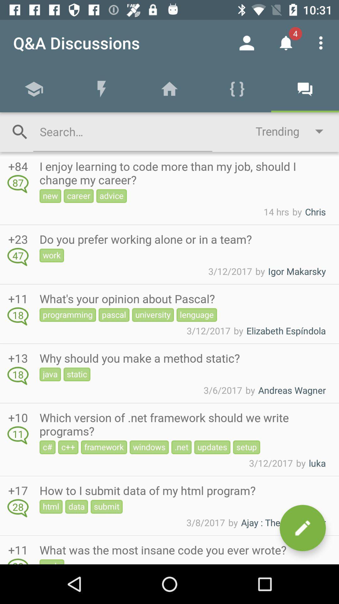 The width and height of the screenshot is (339, 604). What do you see at coordinates (302, 528) in the screenshot?
I see `compose` at bounding box center [302, 528].